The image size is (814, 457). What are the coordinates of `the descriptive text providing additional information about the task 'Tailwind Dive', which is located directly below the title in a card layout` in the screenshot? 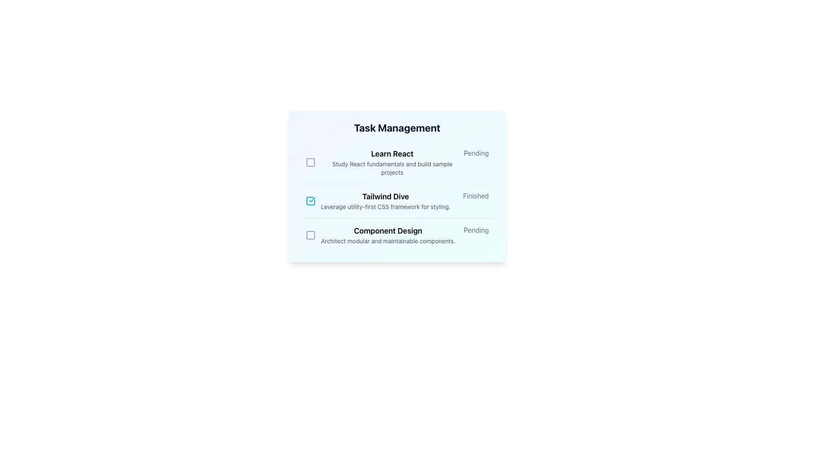 It's located at (385, 207).